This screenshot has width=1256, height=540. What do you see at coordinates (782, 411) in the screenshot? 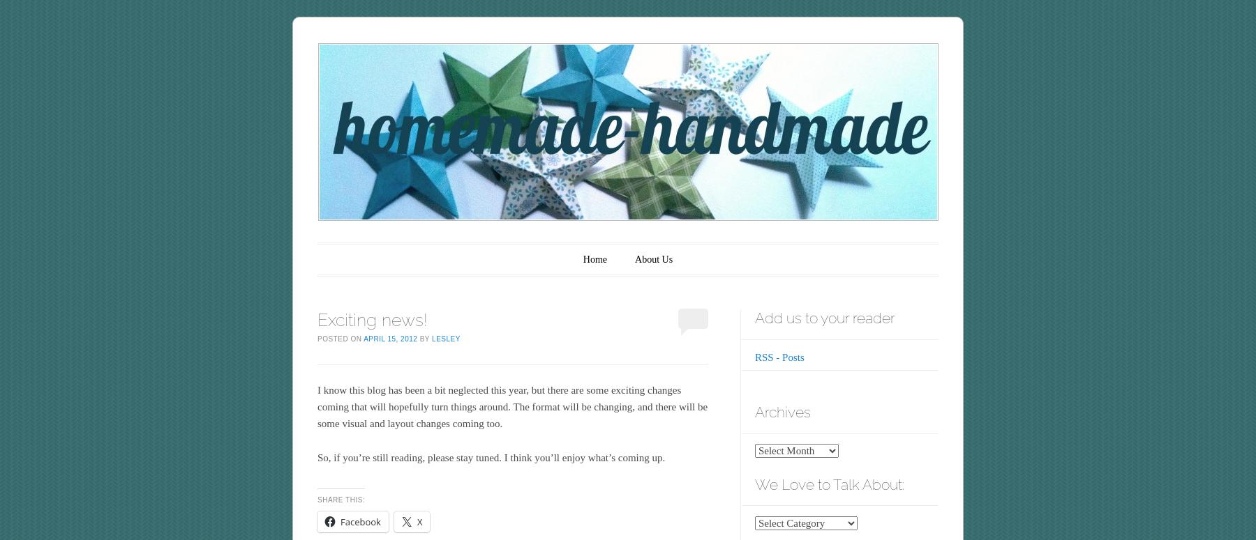
I see `'Archives'` at bounding box center [782, 411].